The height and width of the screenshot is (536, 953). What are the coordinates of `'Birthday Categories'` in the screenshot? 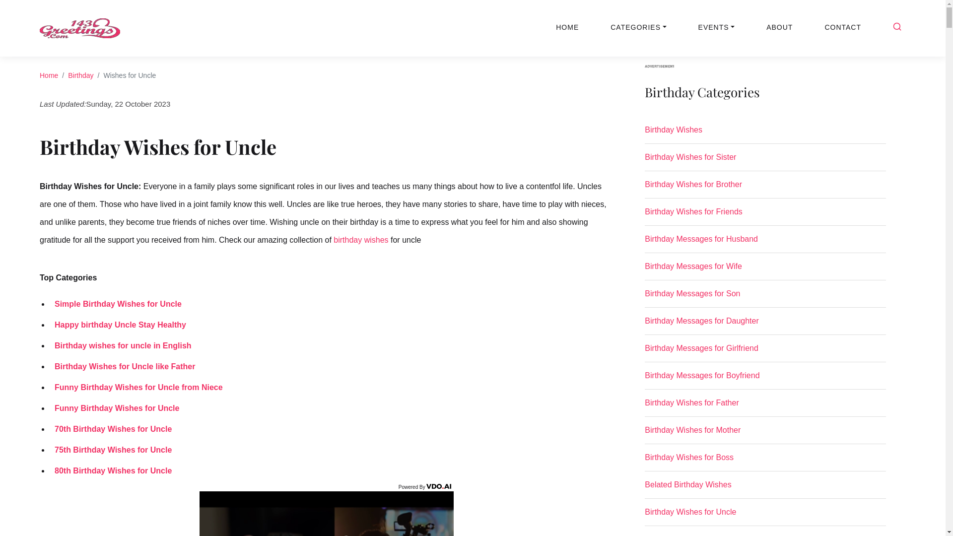 It's located at (764, 98).